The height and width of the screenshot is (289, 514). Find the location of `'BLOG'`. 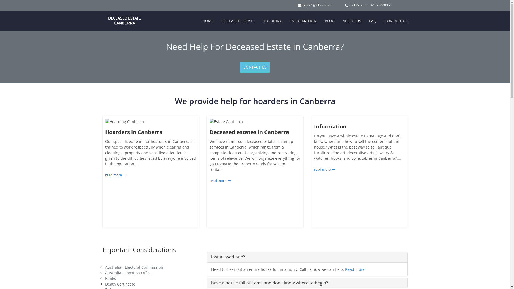

'BLOG' is located at coordinates (329, 20).